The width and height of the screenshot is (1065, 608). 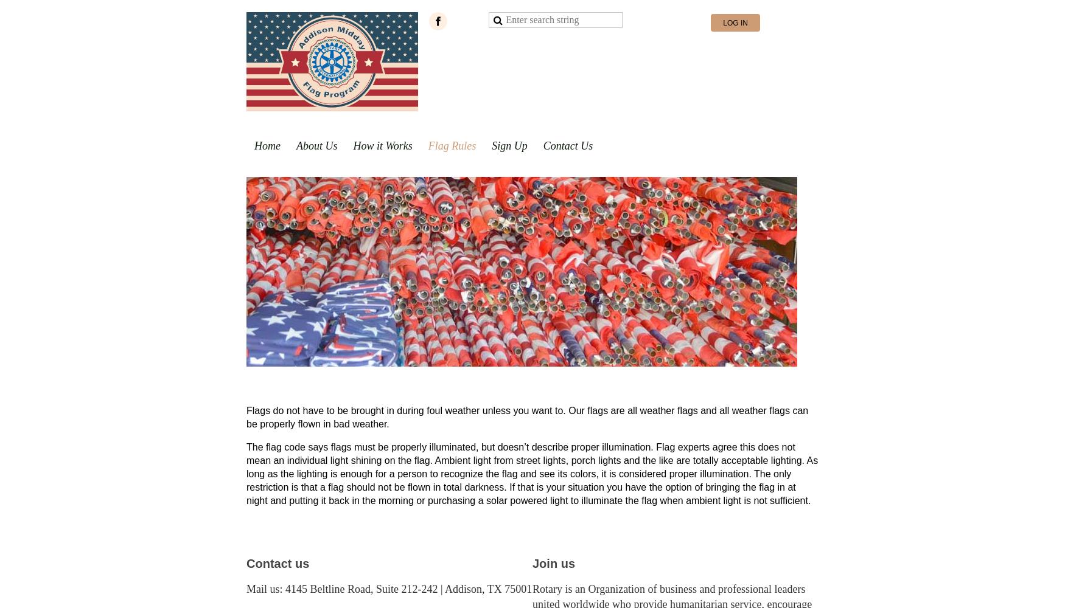 I want to click on 'Flags do not have to be brought in during foul weather unless you want to. Our flags are all weather flags and all weather flags can be properly flown in bad weather.', so click(x=245, y=417).